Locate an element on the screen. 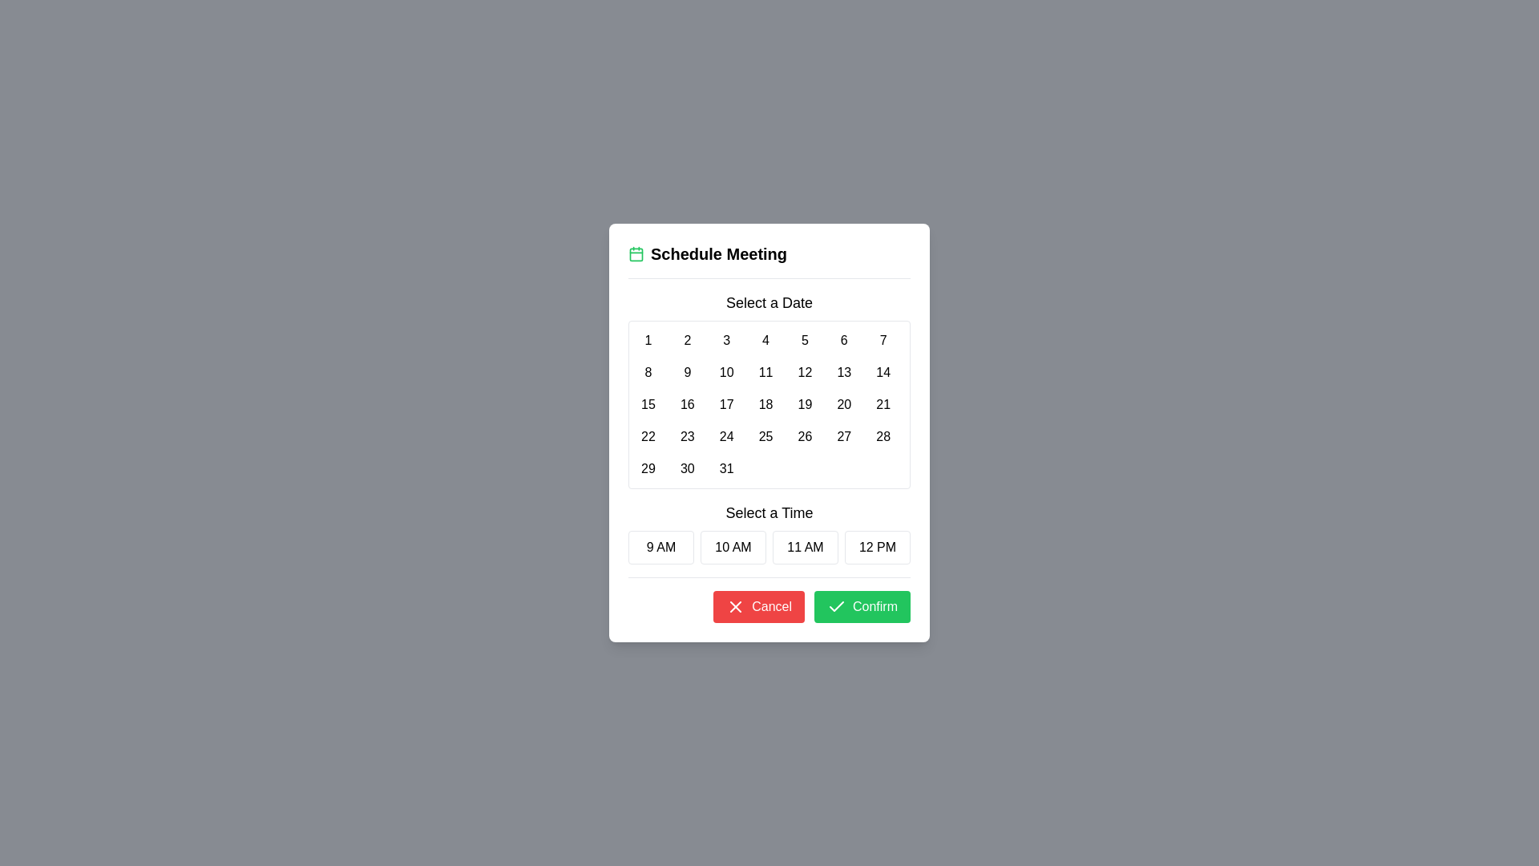 This screenshot has width=1539, height=866. the Button Group containing the time buttons '9 AM', '10 AM', '11 AM', and '12 PM' is located at coordinates (769, 546).